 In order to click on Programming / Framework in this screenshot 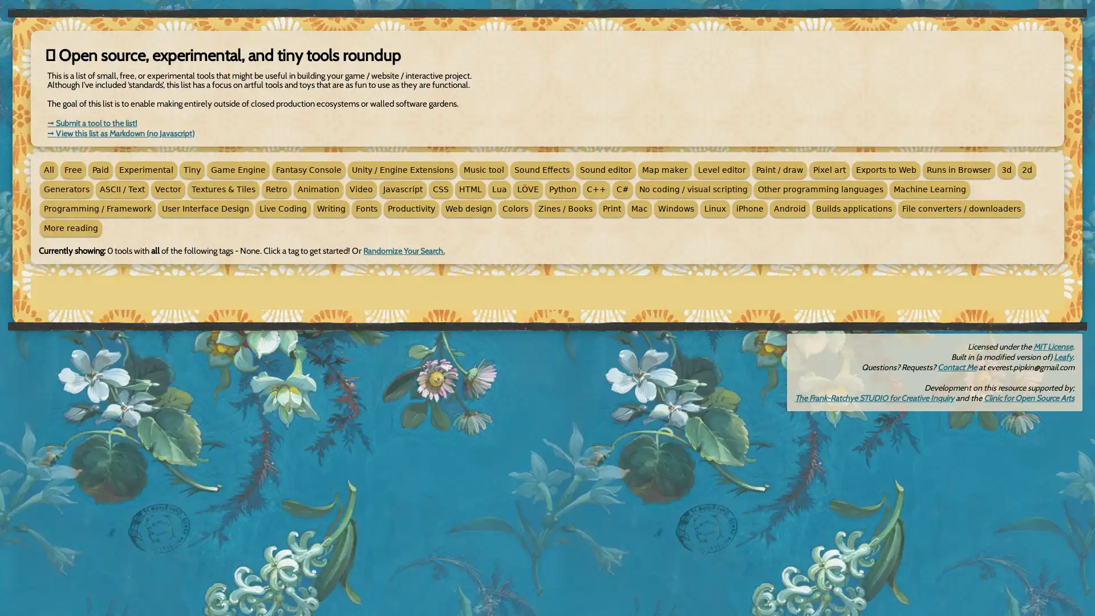, I will do `click(98, 209)`.